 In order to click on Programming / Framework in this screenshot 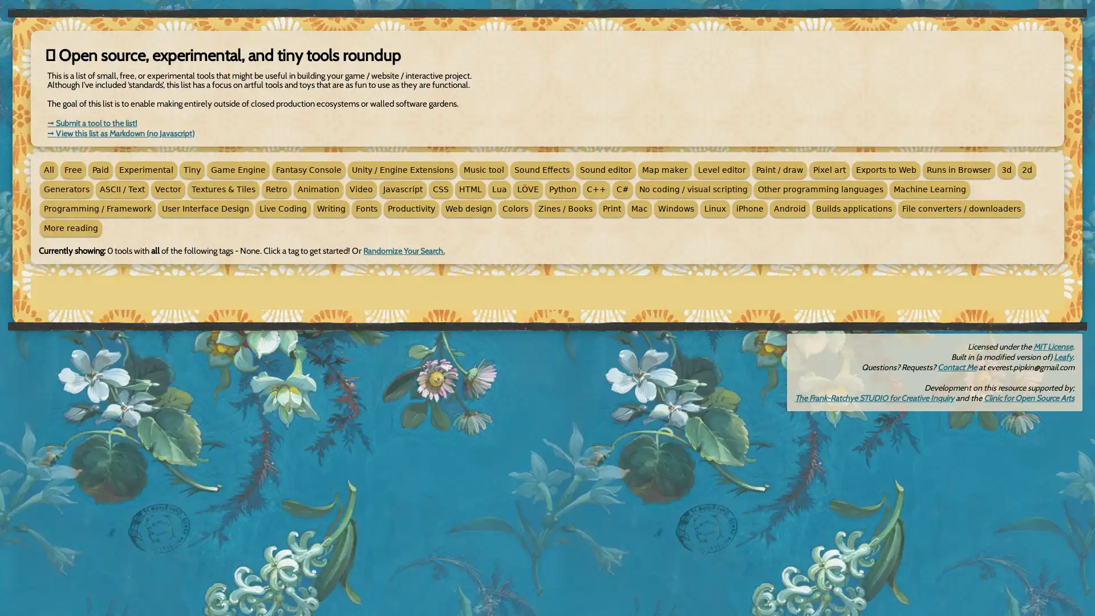, I will do `click(98, 209)`.